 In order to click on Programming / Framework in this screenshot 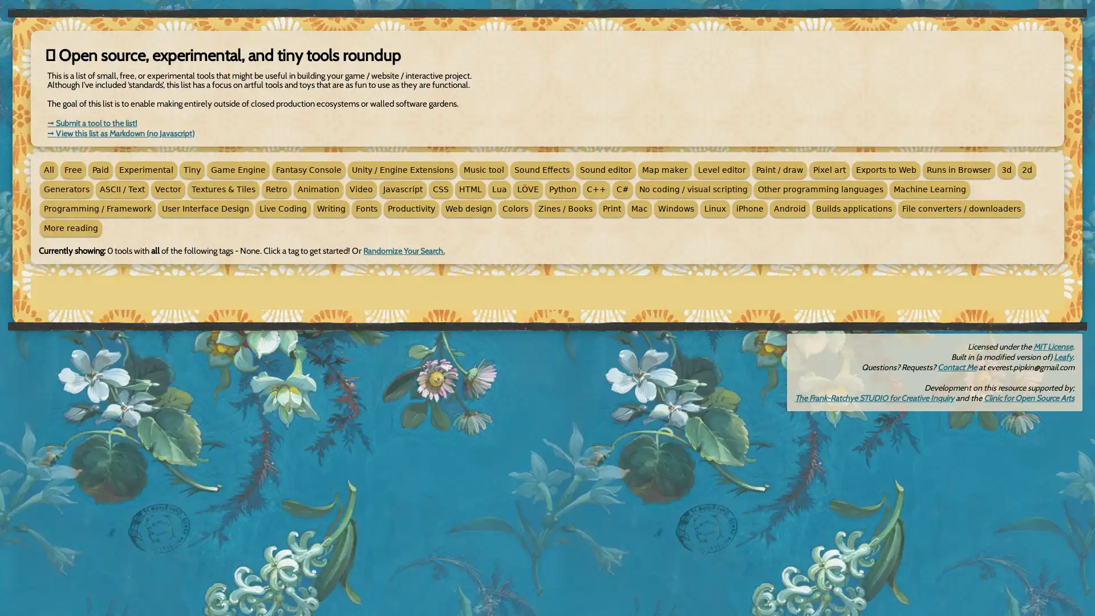, I will do `click(98, 209)`.